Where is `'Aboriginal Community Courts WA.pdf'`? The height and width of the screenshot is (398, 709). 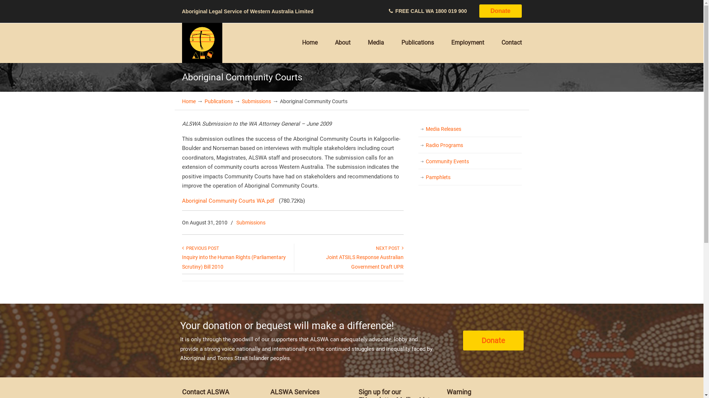 'Aboriginal Community Courts WA.pdf' is located at coordinates (227, 200).